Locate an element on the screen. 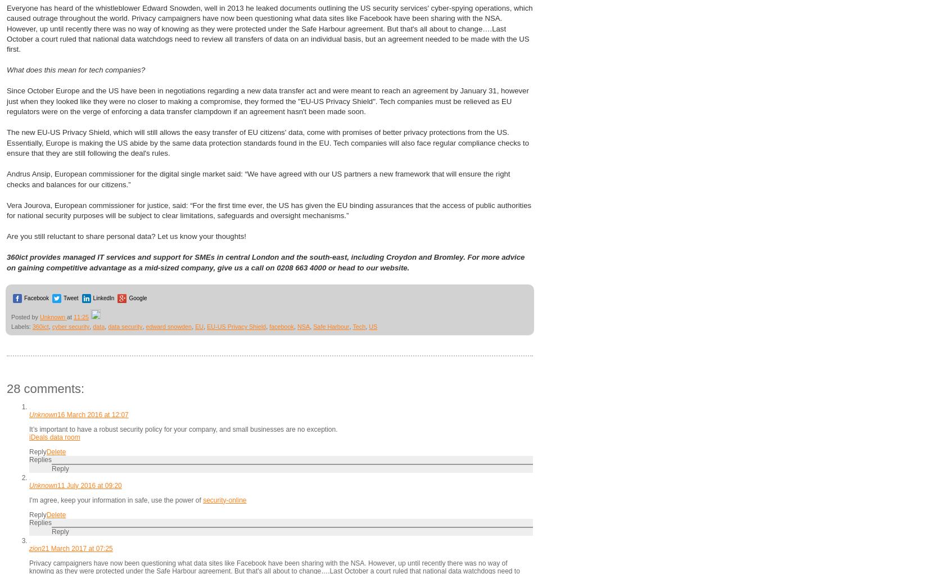  '11:25' is located at coordinates (80, 315).